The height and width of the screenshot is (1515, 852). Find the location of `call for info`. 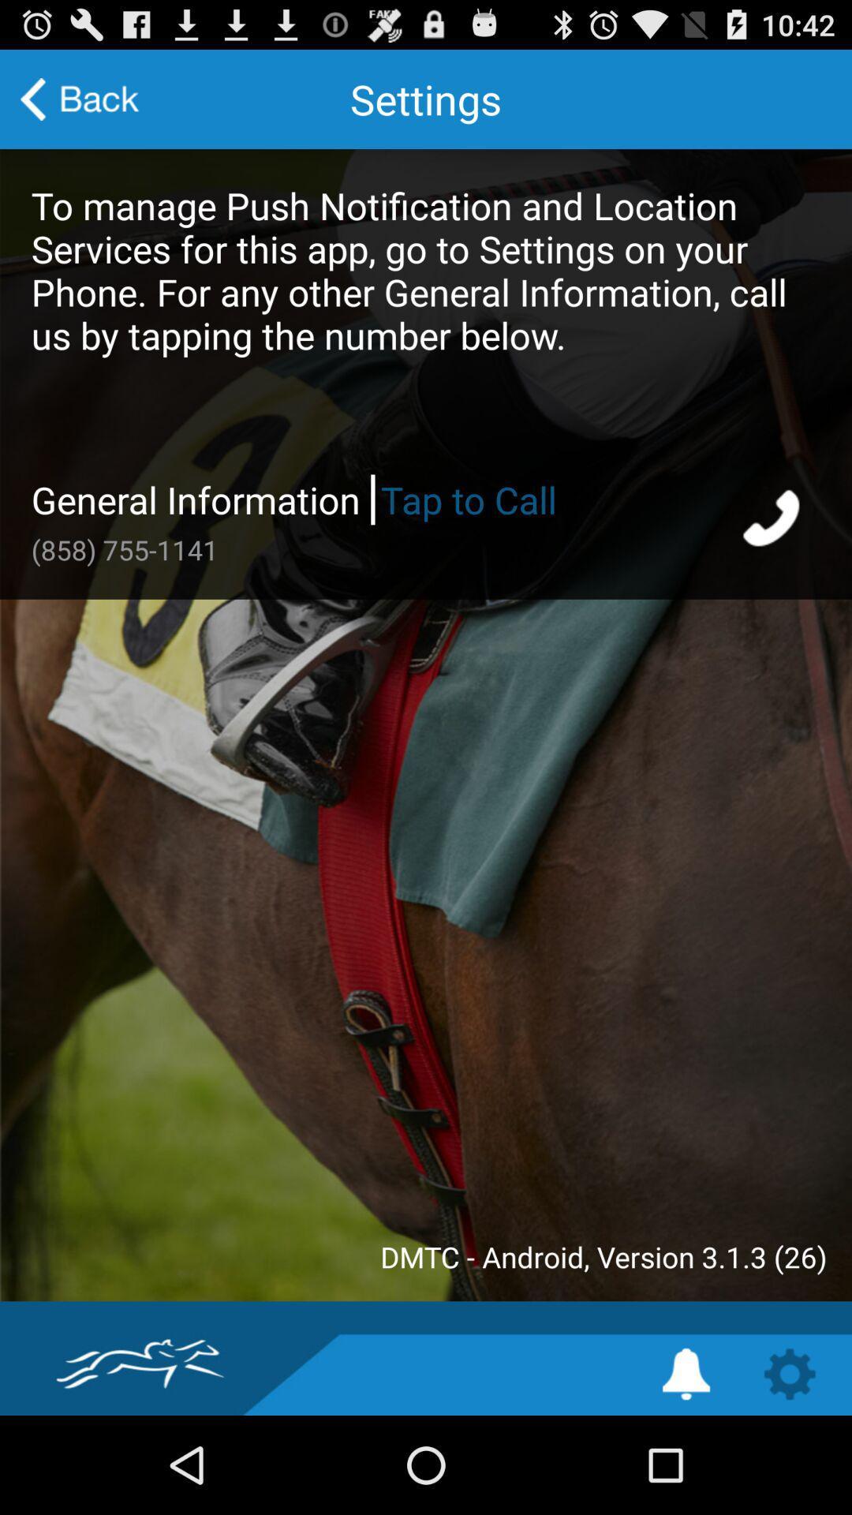

call for info is located at coordinates (772, 521).